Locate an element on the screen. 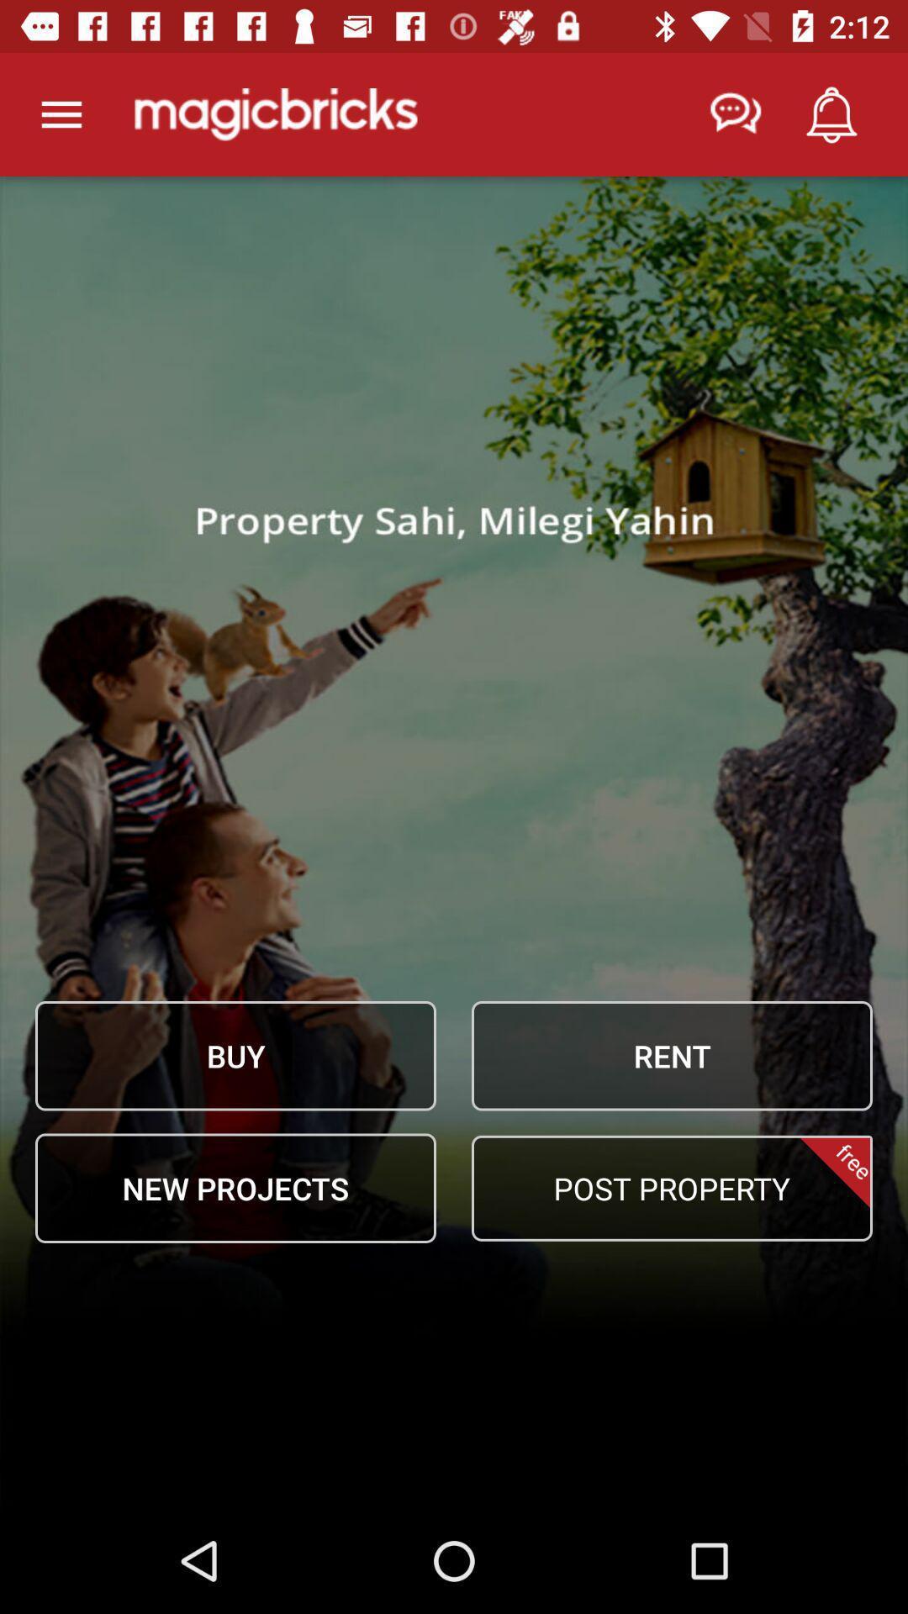 The image size is (908, 1614). rent is located at coordinates (671, 1055).